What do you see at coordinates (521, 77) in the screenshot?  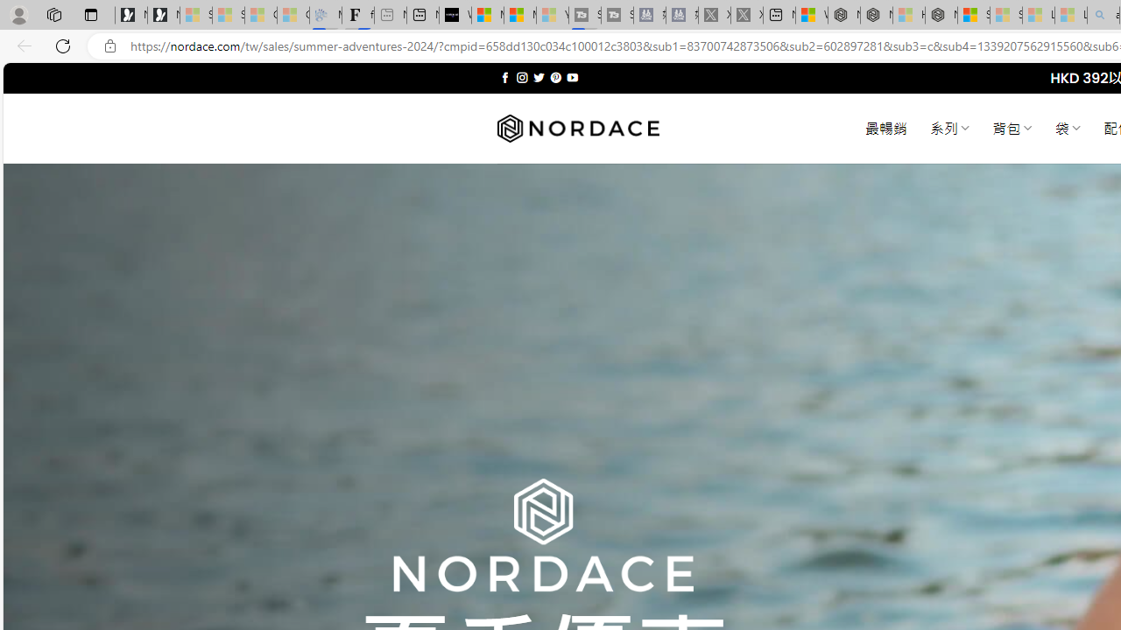 I see `'Follow on Instagram'` at bounding box center [521, 77].